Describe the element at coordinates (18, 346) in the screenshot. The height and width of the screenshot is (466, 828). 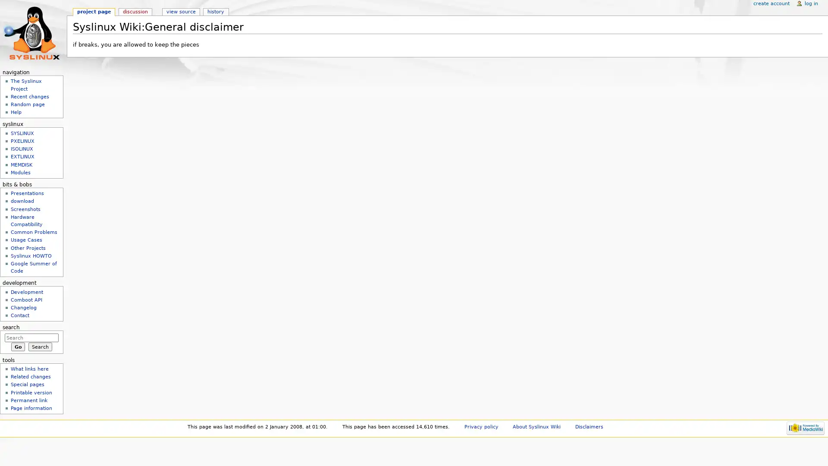
I see `Go` at that location.